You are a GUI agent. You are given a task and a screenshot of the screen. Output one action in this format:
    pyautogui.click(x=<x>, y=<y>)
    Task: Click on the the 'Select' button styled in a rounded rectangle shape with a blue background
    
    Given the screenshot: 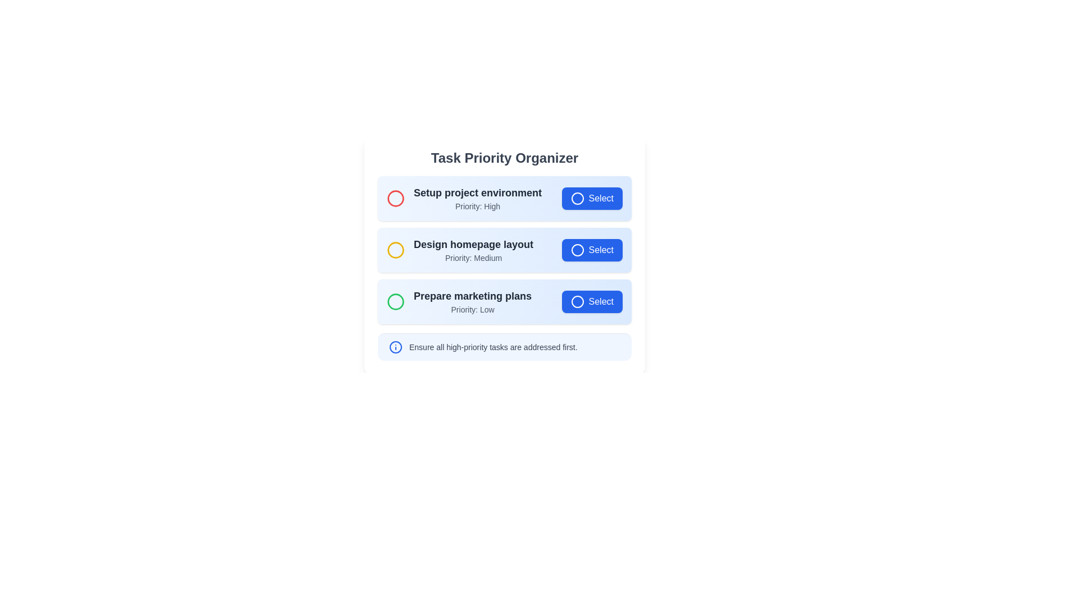 What is the action you would take?
    pyautogui.click(x=591, y=301)
    